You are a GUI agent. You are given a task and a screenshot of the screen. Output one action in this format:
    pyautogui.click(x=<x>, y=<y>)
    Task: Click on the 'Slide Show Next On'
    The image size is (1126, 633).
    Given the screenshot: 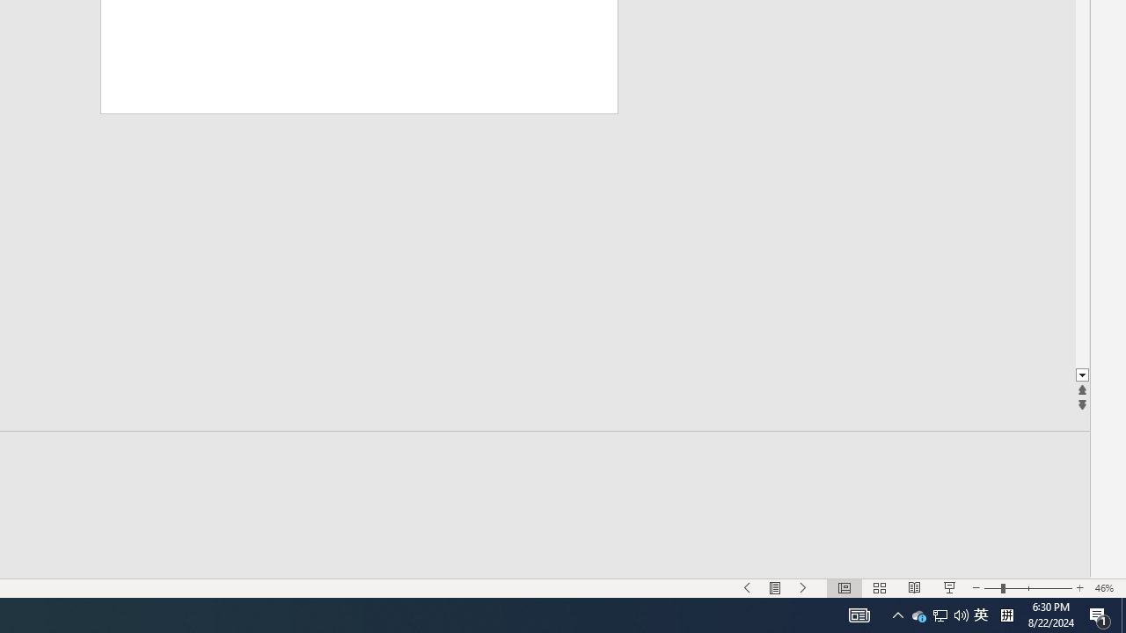 What is the action you would take?
    pyautogui.click(x=803, y=588)
    